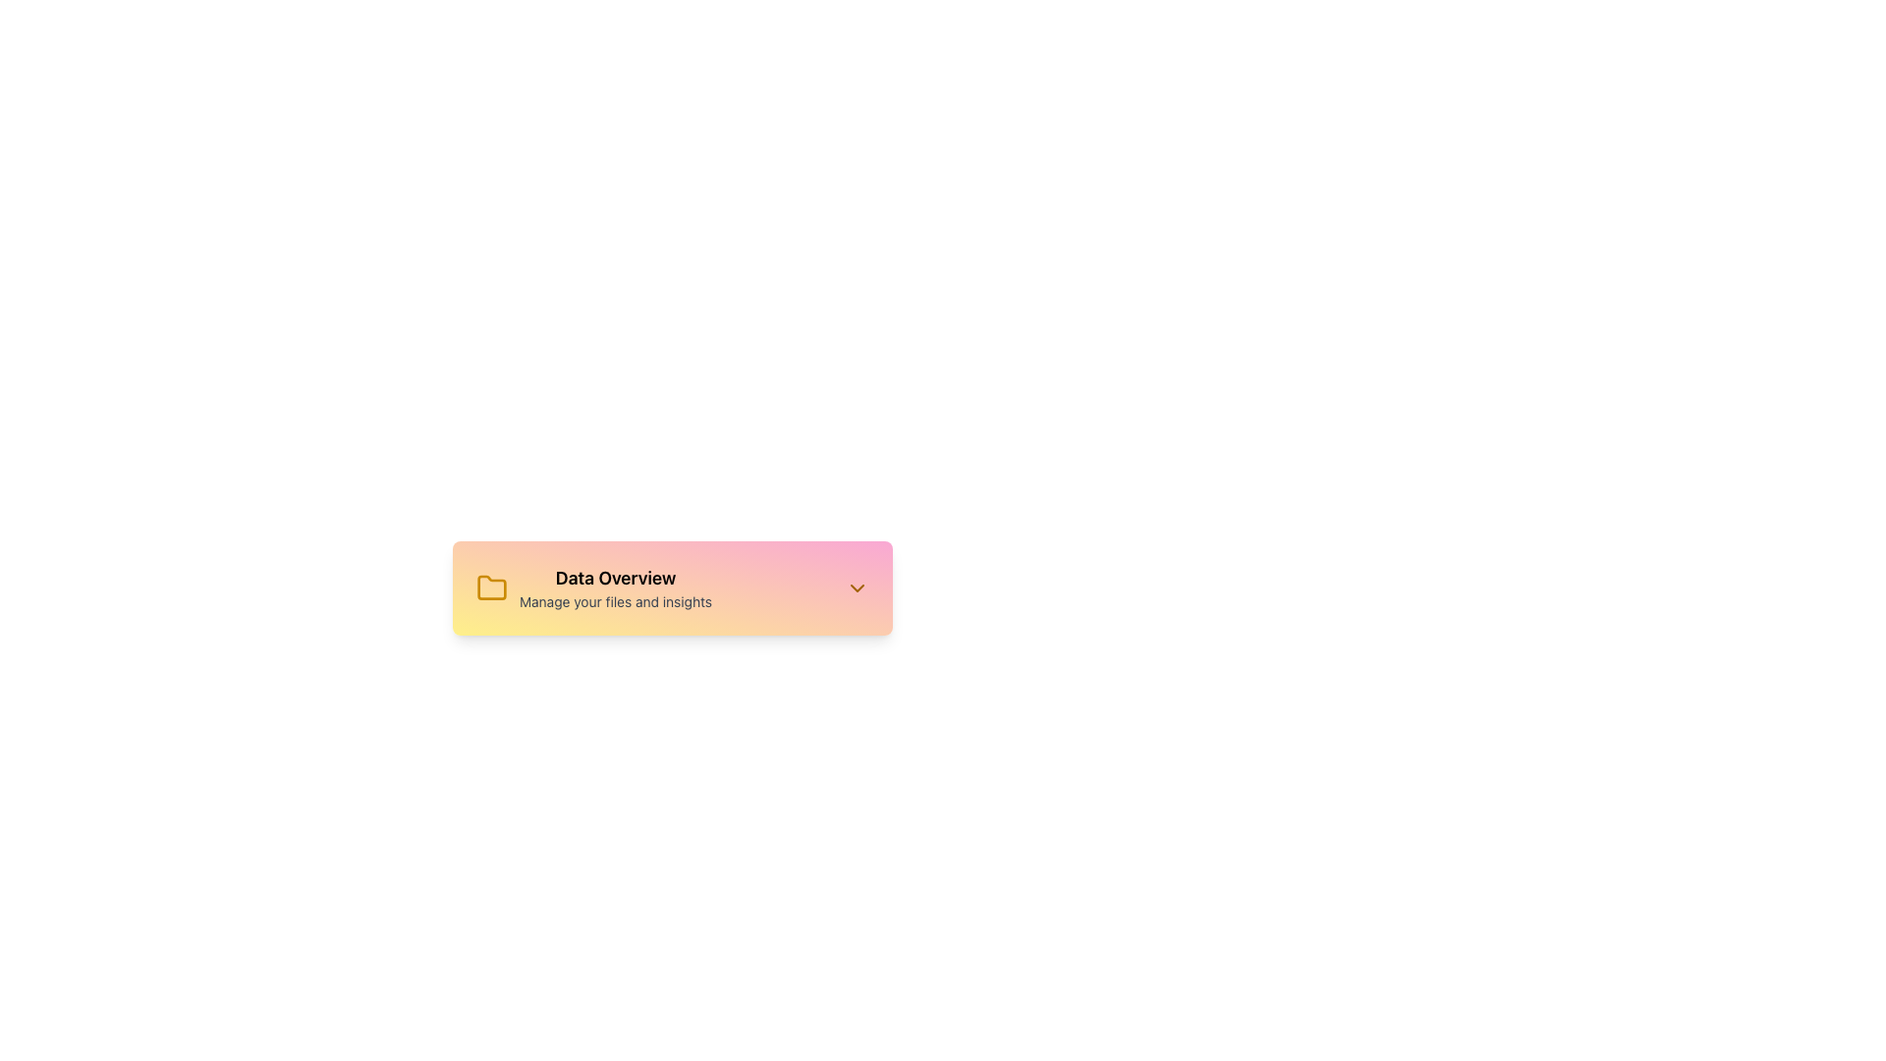 The height and width of the screenshot is (1061, 1886). I want to click on the Composite text element displaying 'Data Overview' and its subtitle 'Manage your files and insights', so click(592, 586).